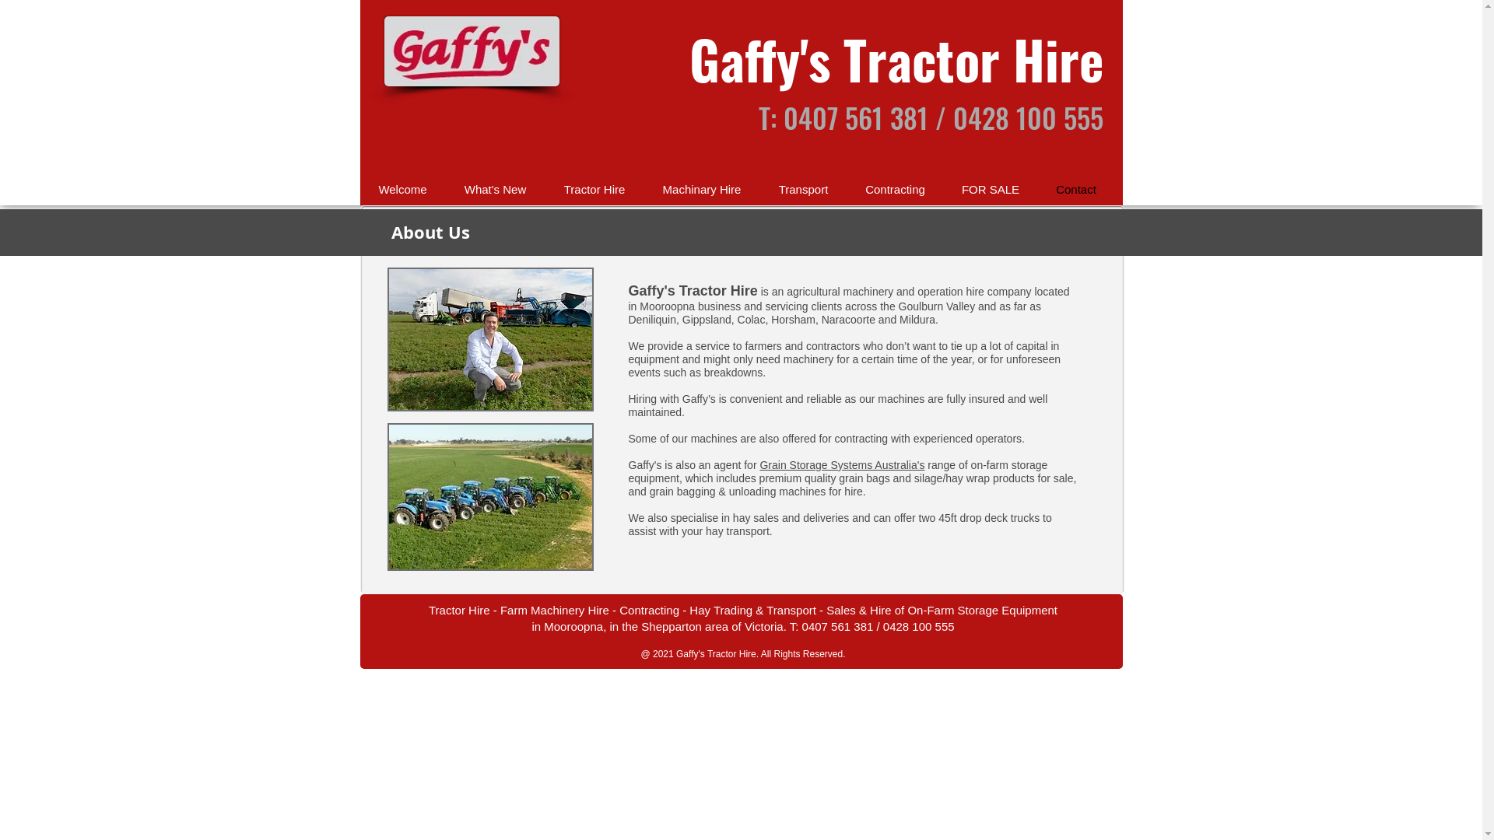  I want to click on 'Contracting', so click(895, 188).